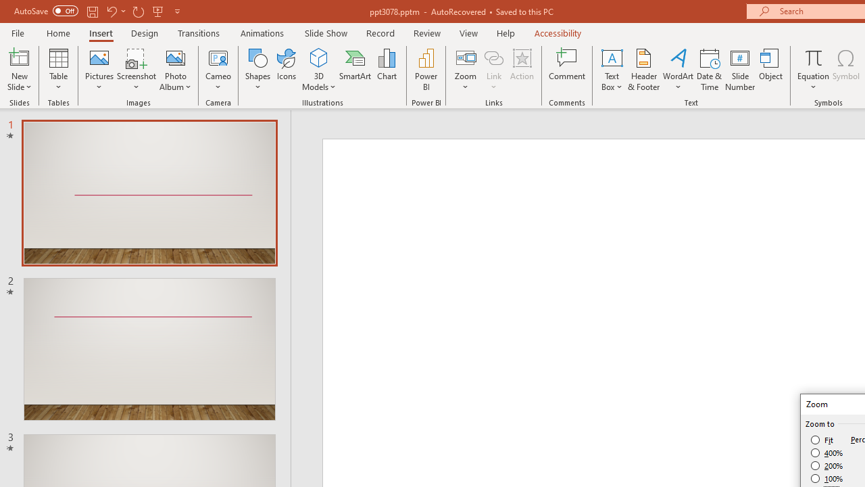 This screenshot has width=865, height=487. What do you see at coordinates (678, 70) in the screenshot?
I see `'WordArt'` at bounding box center [678, 70].